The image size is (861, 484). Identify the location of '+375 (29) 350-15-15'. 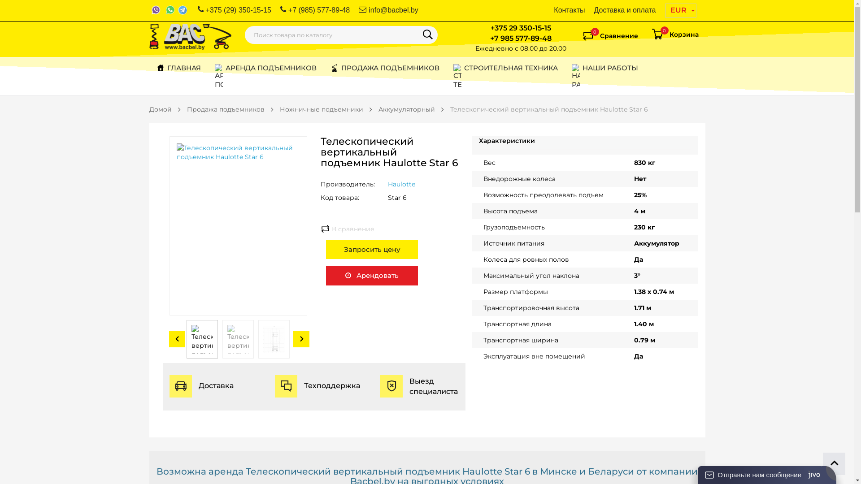
(234, 10).